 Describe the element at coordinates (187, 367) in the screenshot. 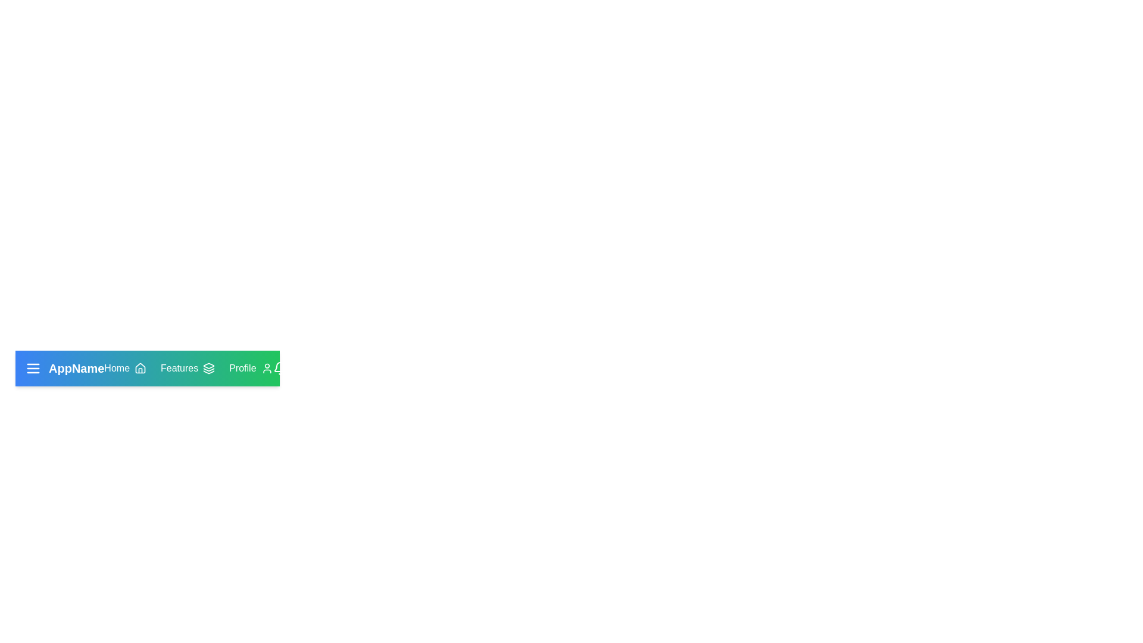

I see `the 'Features' button in the AppBar` at that location.